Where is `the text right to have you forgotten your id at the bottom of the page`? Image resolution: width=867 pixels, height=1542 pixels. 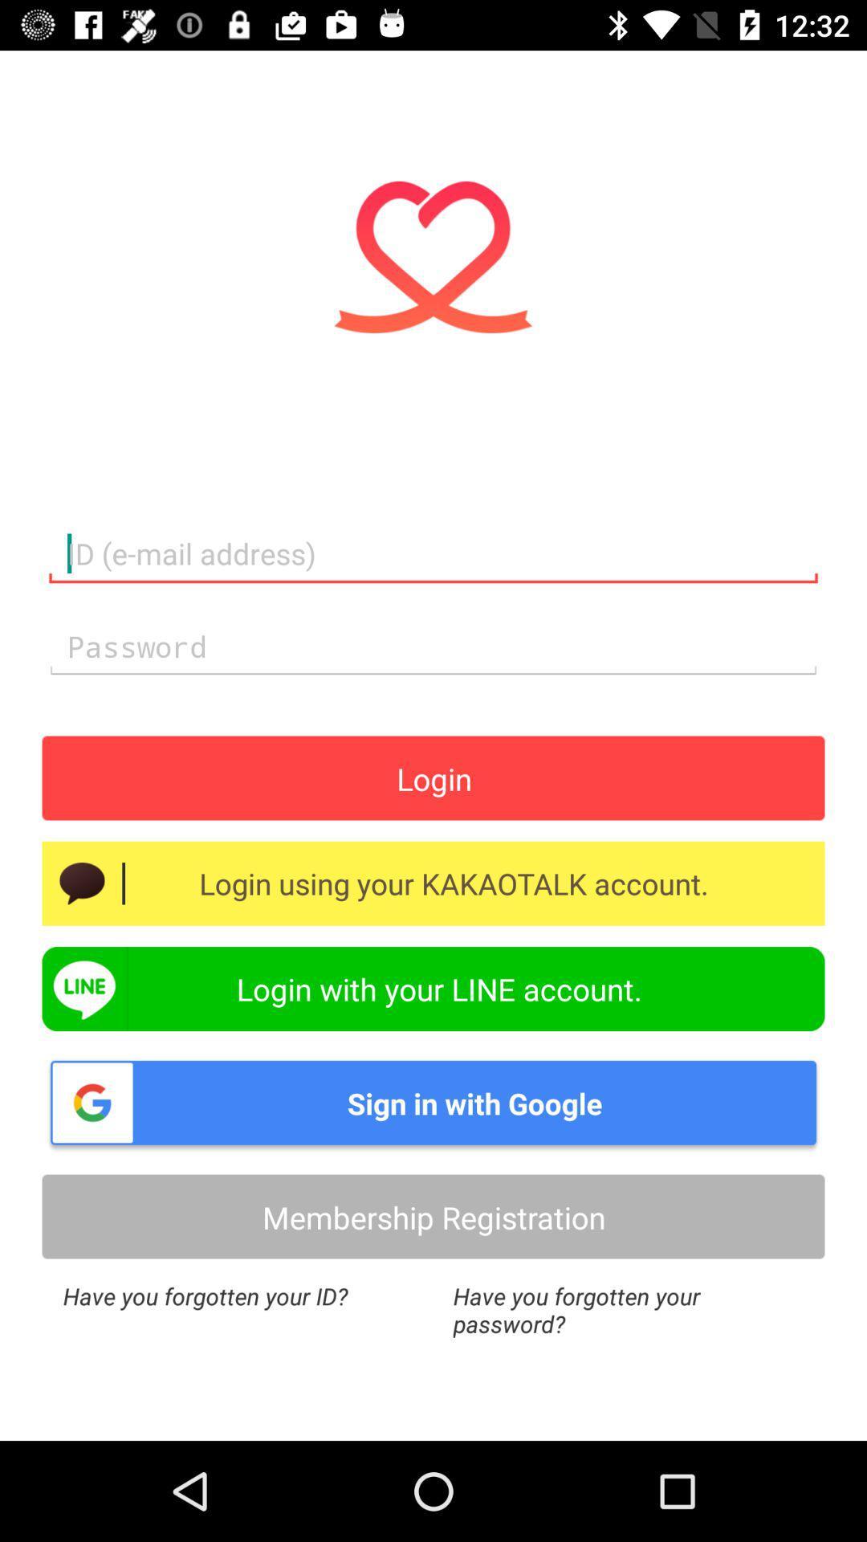 the text right to have you forgotten your id at the bottom of the page is located at coordinates (628, 1310).